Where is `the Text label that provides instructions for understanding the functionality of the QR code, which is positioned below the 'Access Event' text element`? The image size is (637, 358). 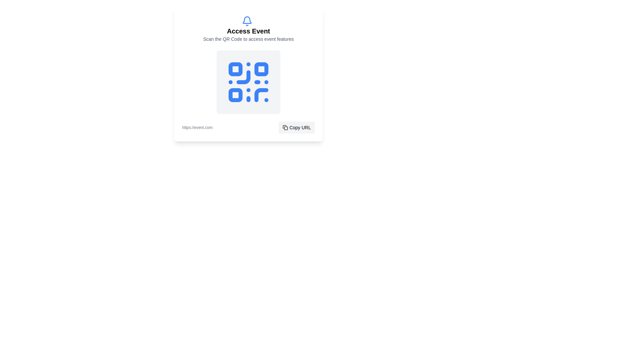
the Text label that provides instructions for understanding the functionality of the QR code, which is positioned below the 'Access Event' text element is located at coordinates (248, 39).